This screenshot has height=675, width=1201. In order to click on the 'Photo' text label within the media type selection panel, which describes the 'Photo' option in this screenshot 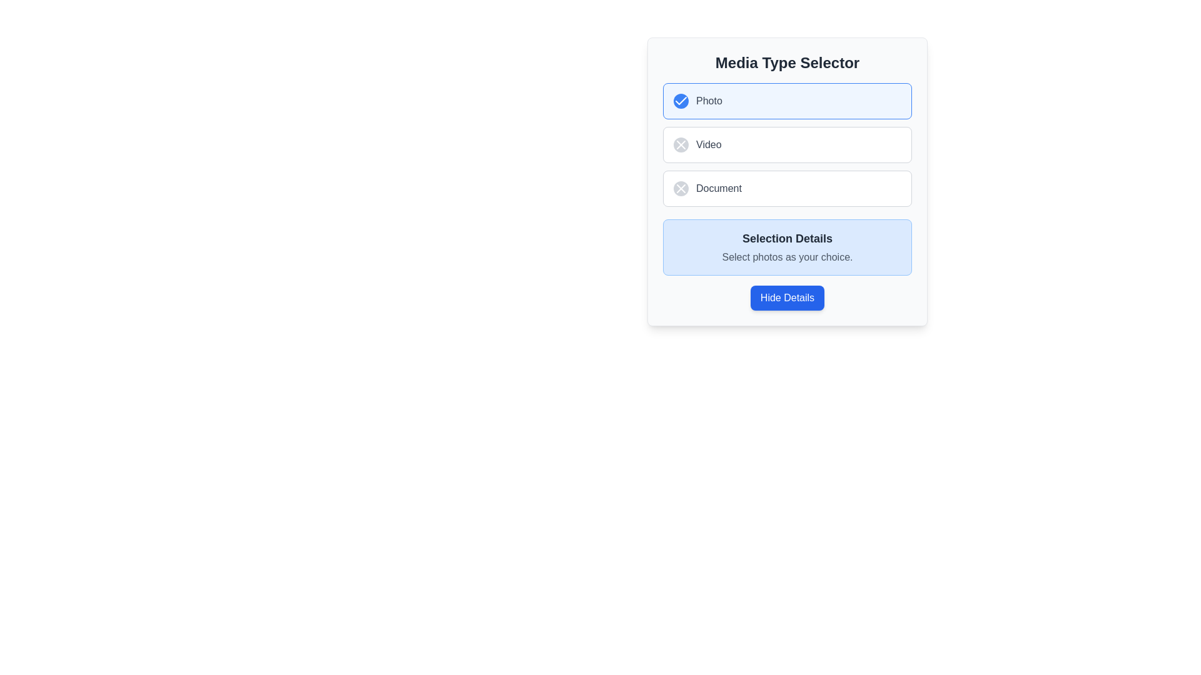, I will do `click(709, 101)`.